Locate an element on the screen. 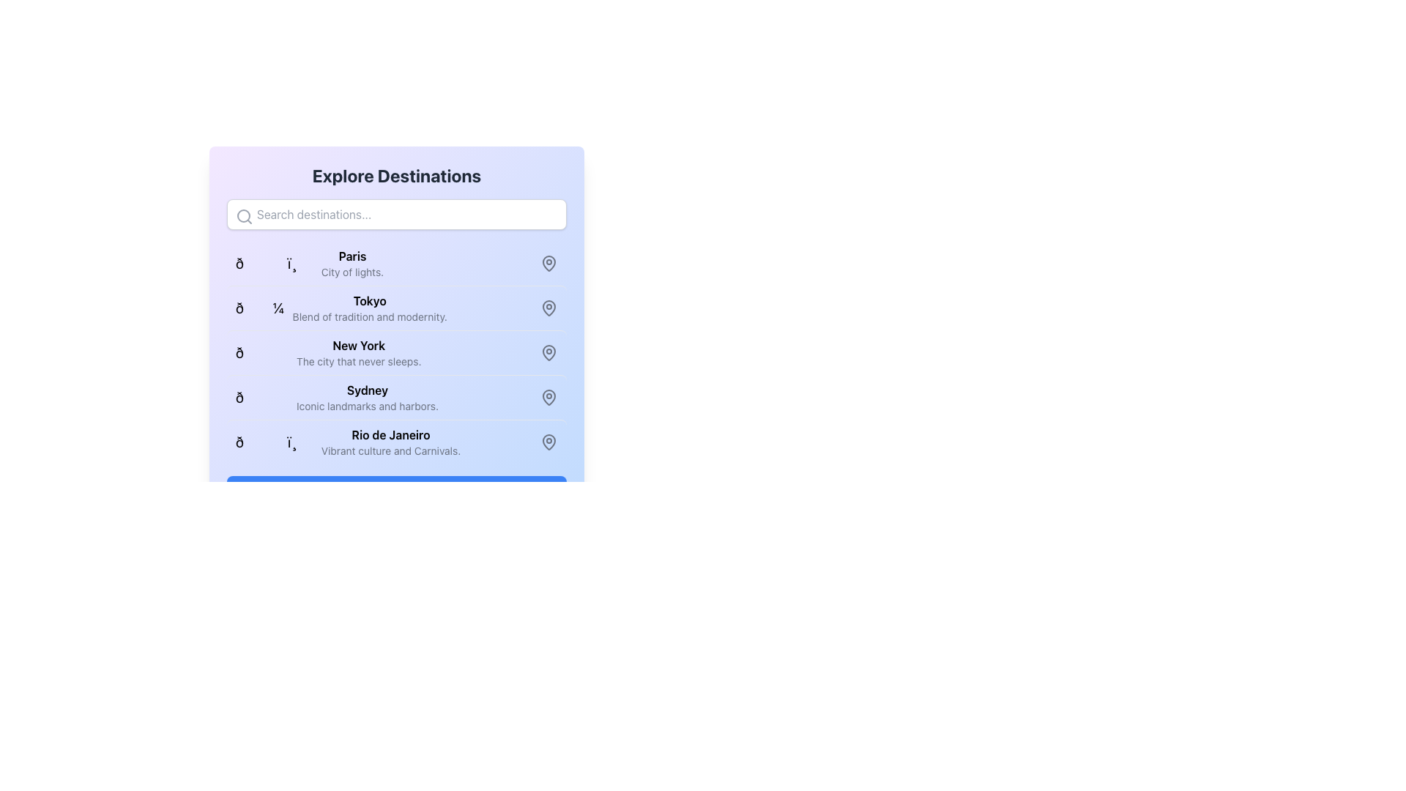  the map pin icon corresponding to 'Rio de Janeiro' in the 'Explore Destinations' list is located at coordinates (548, 442).